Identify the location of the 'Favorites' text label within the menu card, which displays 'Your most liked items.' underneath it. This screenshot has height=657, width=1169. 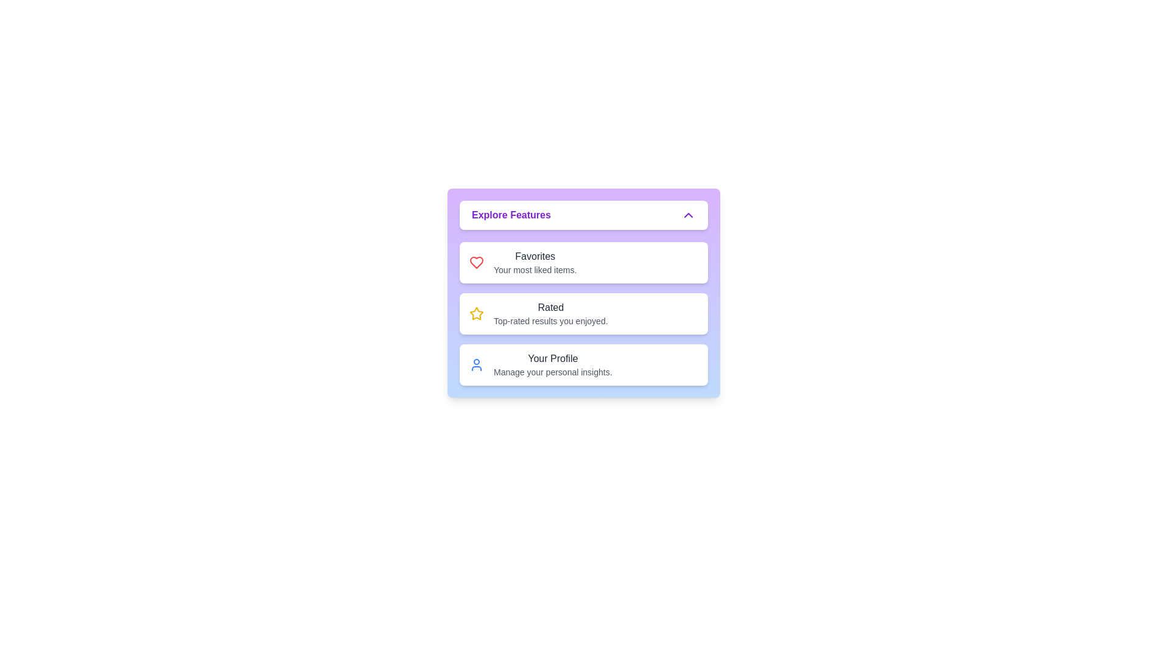
(535, 262).